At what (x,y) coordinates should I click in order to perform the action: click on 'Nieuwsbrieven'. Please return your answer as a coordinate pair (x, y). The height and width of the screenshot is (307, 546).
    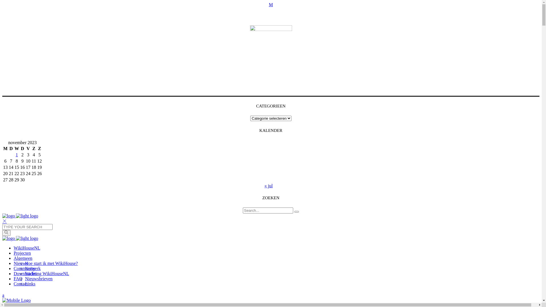
    Looking at the image, I should click on (38, 278).